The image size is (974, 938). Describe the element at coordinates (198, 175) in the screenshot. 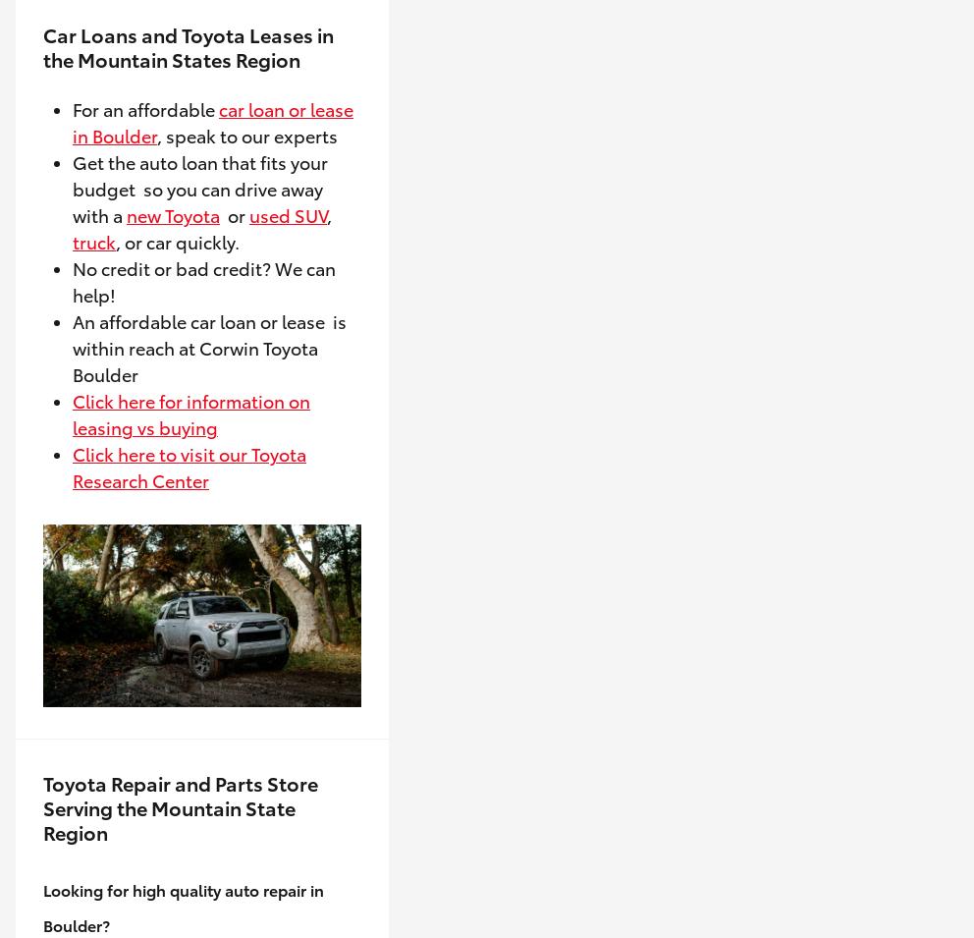

I see `'Get the auto loan that fits your budget'` at that location.